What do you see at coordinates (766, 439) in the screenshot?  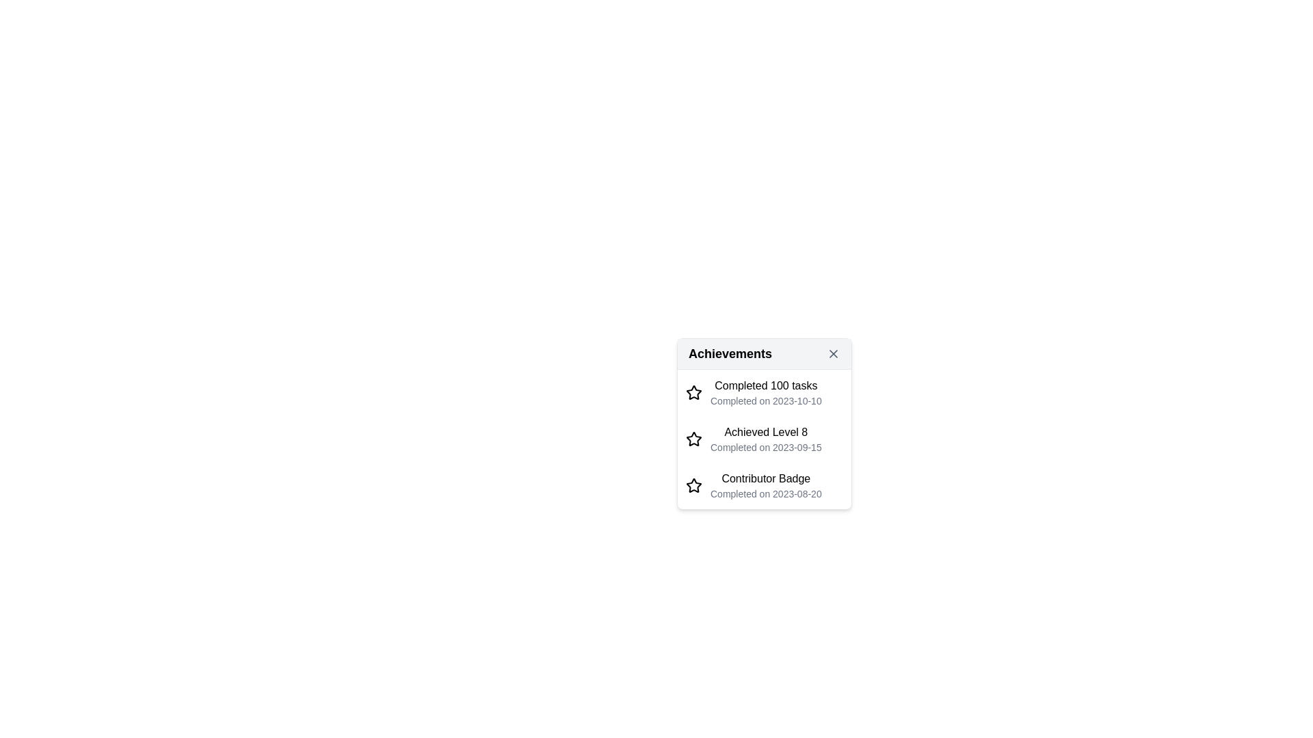 I see `the Text Display indicating the achievement of reaching Level 8, which includes the completion date of '2023-09-15'. This element is the second item in the 'Achievements' panel, positioned between two other achievement notifications` at bounding box center [766, 439].